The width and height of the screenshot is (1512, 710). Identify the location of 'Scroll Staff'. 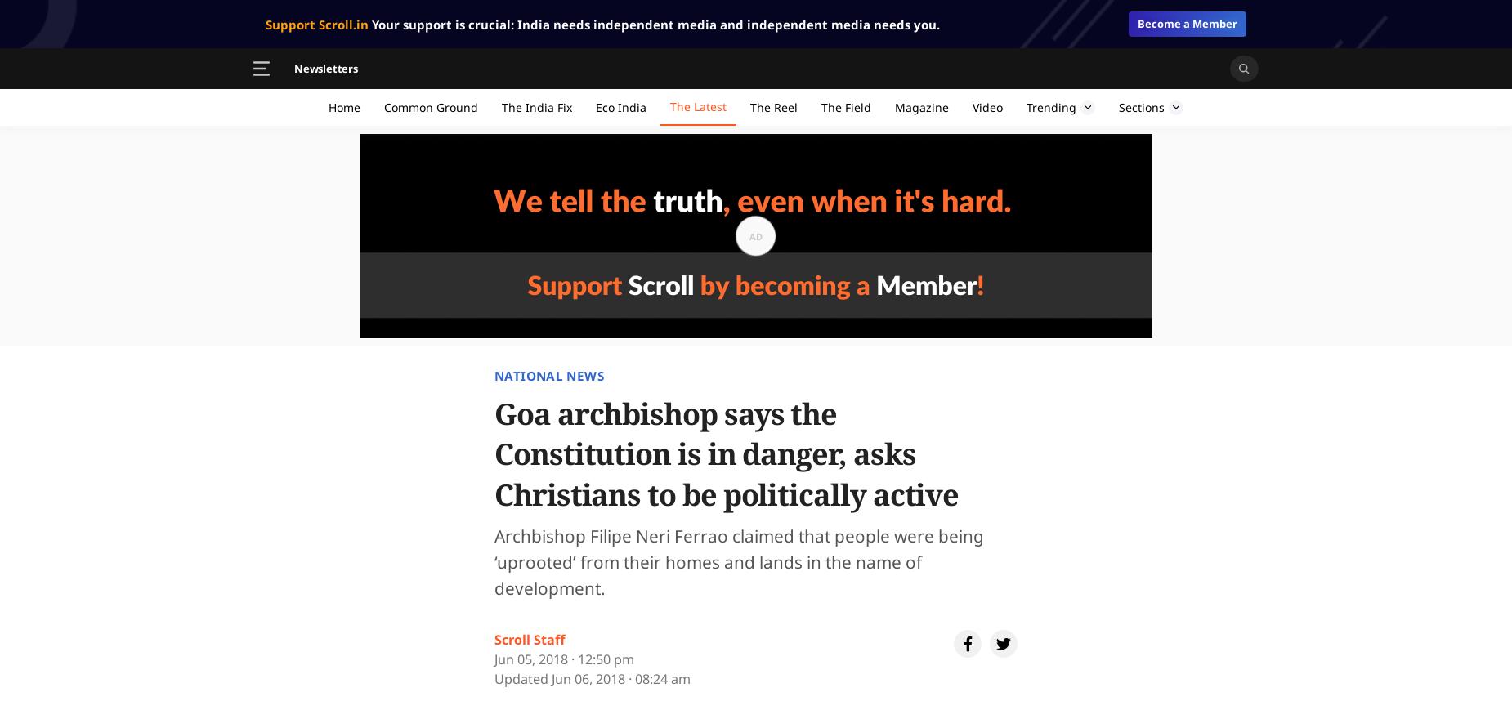
(530, 639).